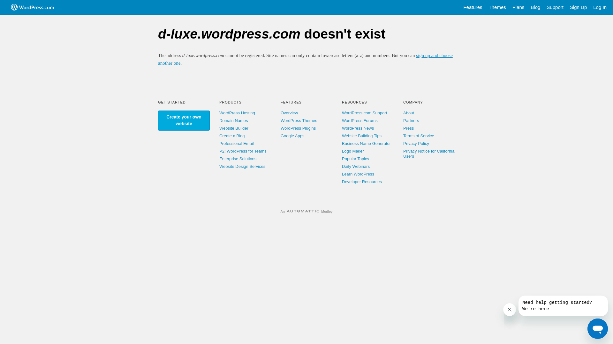 This screenshot has width=613, height=344. Describe the element at coordinates (289, 112) in the screenshot. I see `'Overview'` at that location.